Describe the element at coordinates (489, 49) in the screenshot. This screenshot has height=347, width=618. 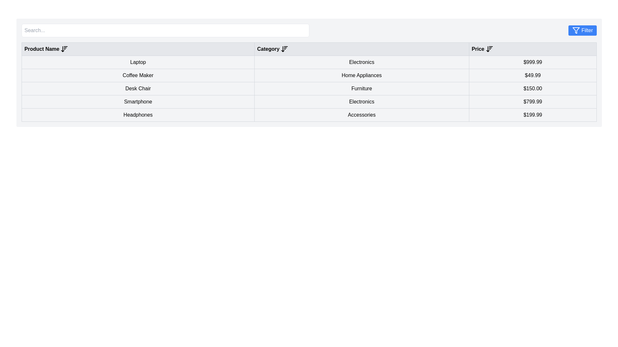
I see `the downward arrow icon next to the 'Price' column header` at that location.